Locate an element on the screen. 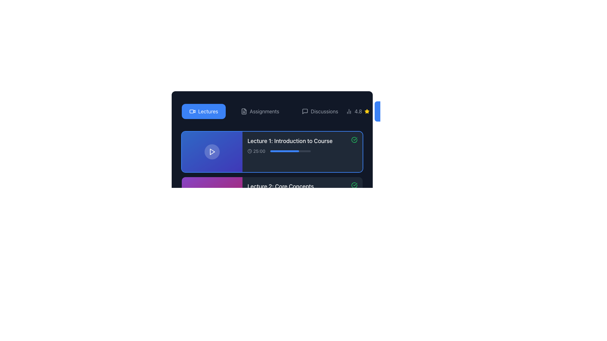  the interactive media playback button, which is represented by a play icon and is located to the left of the text 'Lecture 1: Introduction to Course' and its duration '25:00' is located at coordinates (212, 152).